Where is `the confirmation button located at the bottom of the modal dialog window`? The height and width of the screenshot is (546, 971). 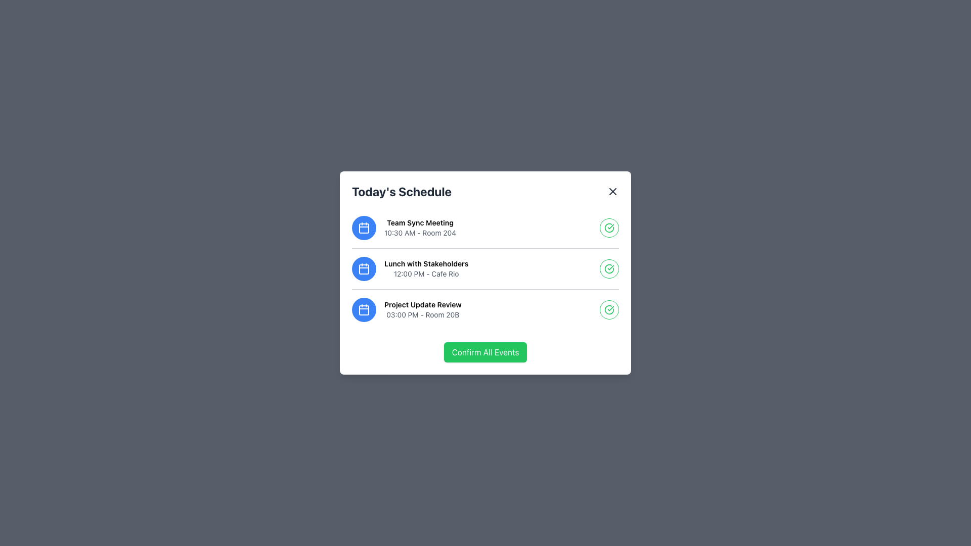
the confirmation button located at the bottom of the modal dialog window is located at coordinates (485, 352).